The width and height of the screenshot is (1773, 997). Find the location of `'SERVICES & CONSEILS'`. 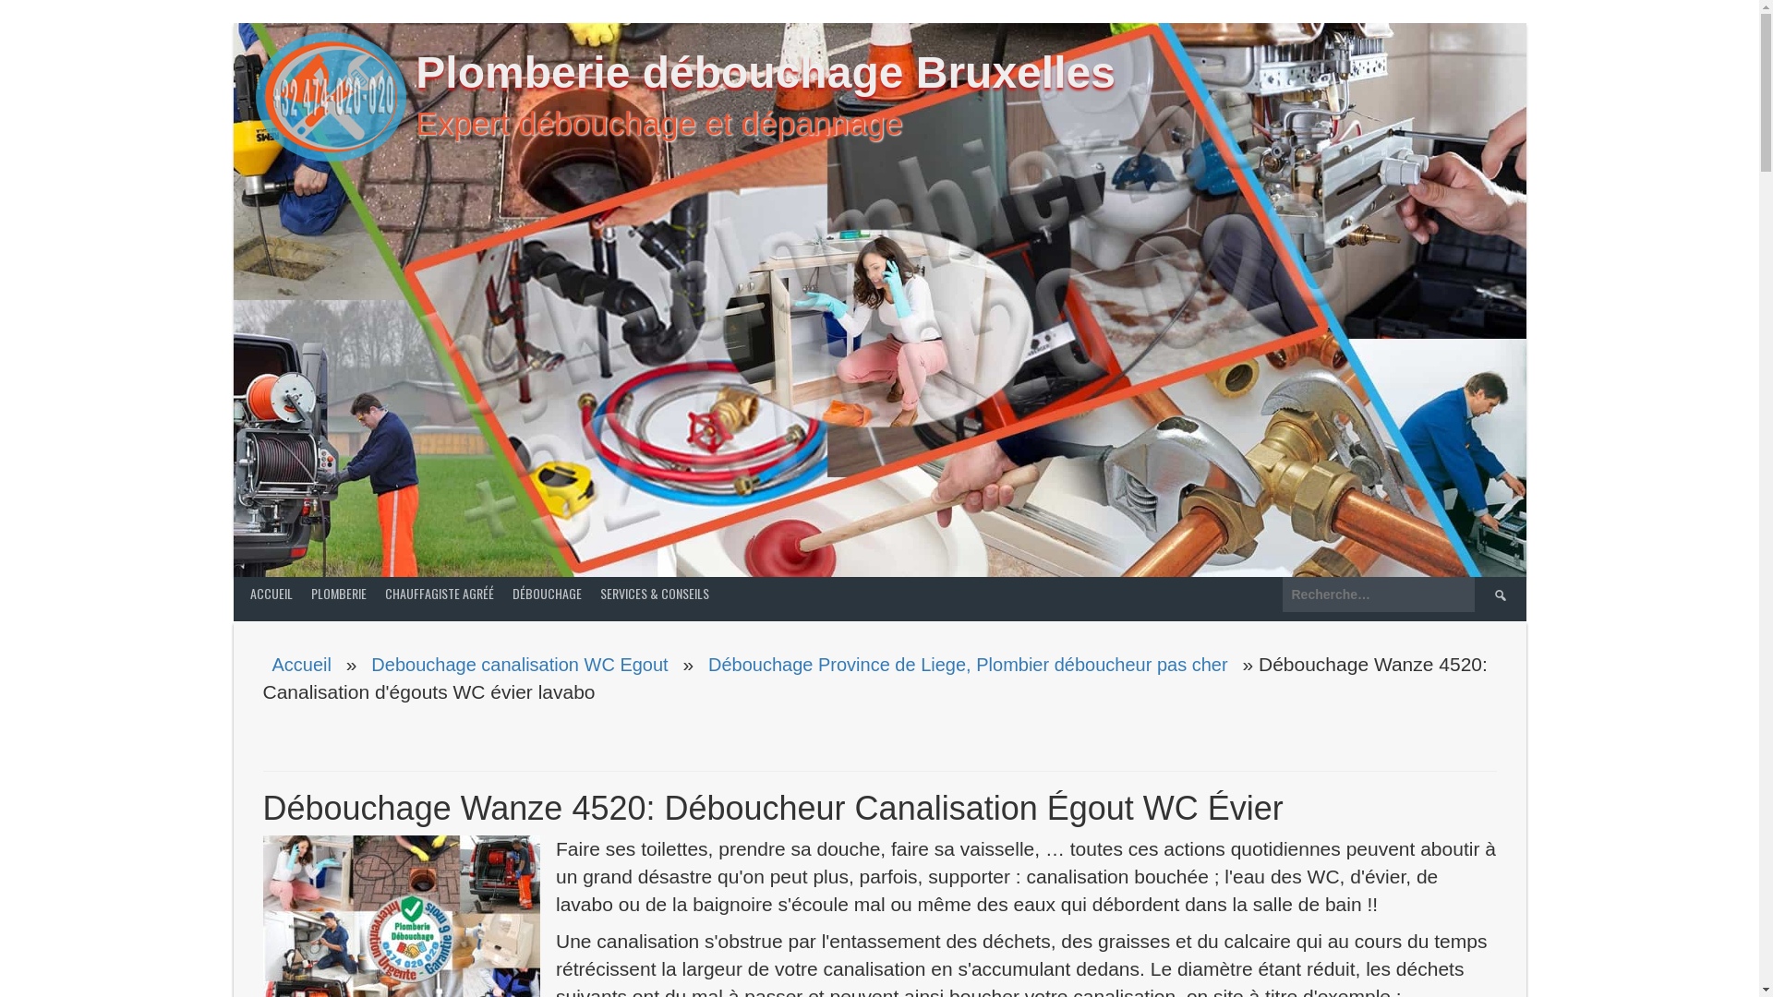

'SERVICES & CONSEILS' is located at coordinates (655, 594).